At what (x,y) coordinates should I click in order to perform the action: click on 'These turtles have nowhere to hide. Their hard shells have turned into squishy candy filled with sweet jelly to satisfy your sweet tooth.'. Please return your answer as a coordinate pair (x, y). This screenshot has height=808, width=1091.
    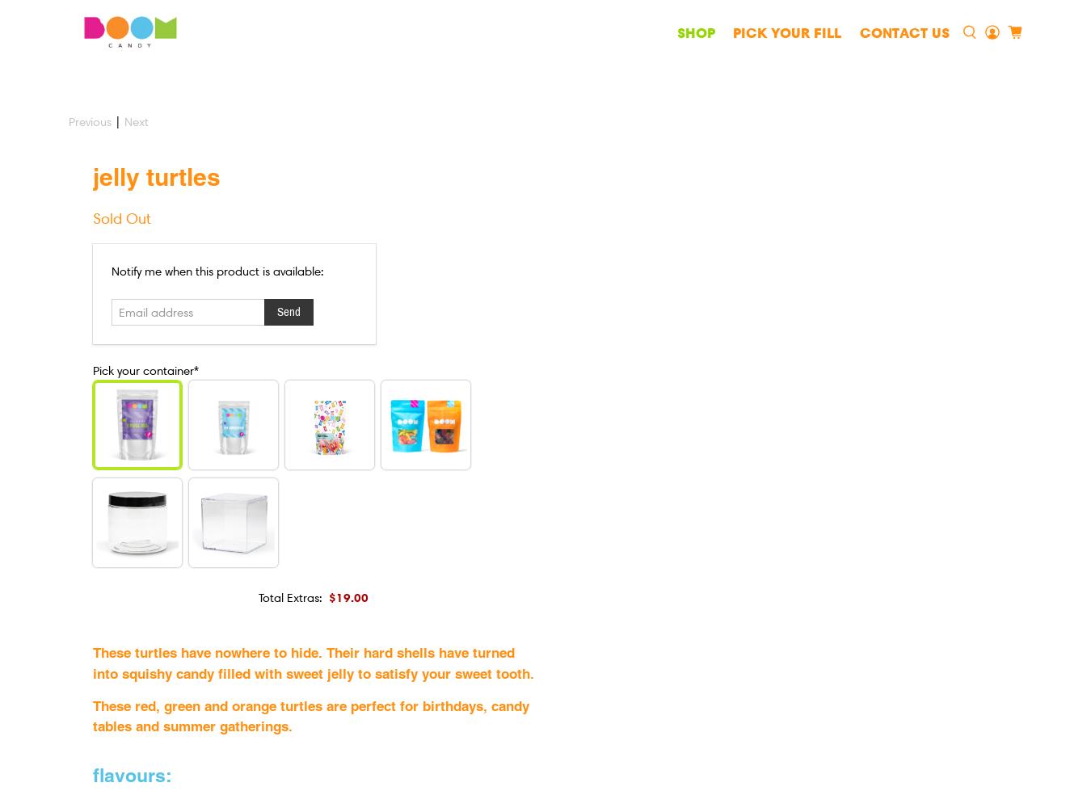
    Looking at the image, I should click on (313, 662).